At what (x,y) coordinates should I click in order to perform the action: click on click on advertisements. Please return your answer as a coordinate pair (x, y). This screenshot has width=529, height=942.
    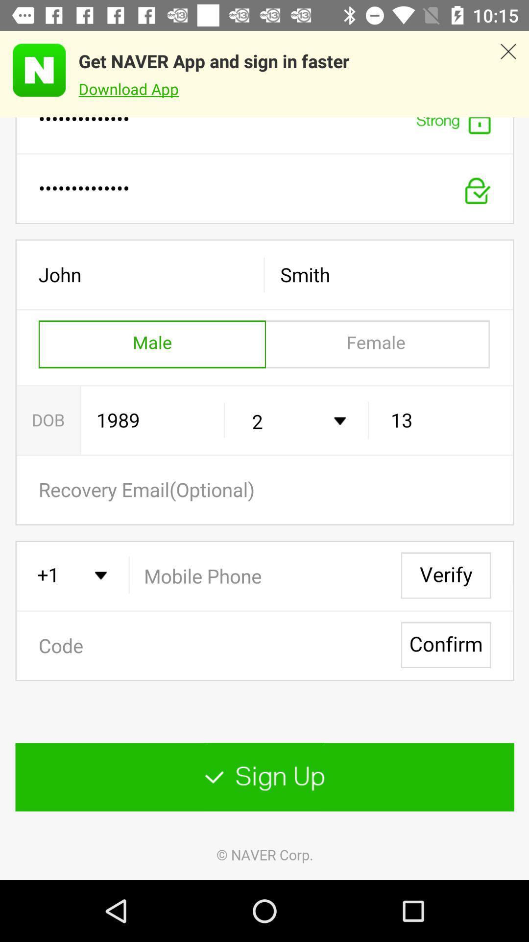
    Looking at the image, I should click on (32, 70).